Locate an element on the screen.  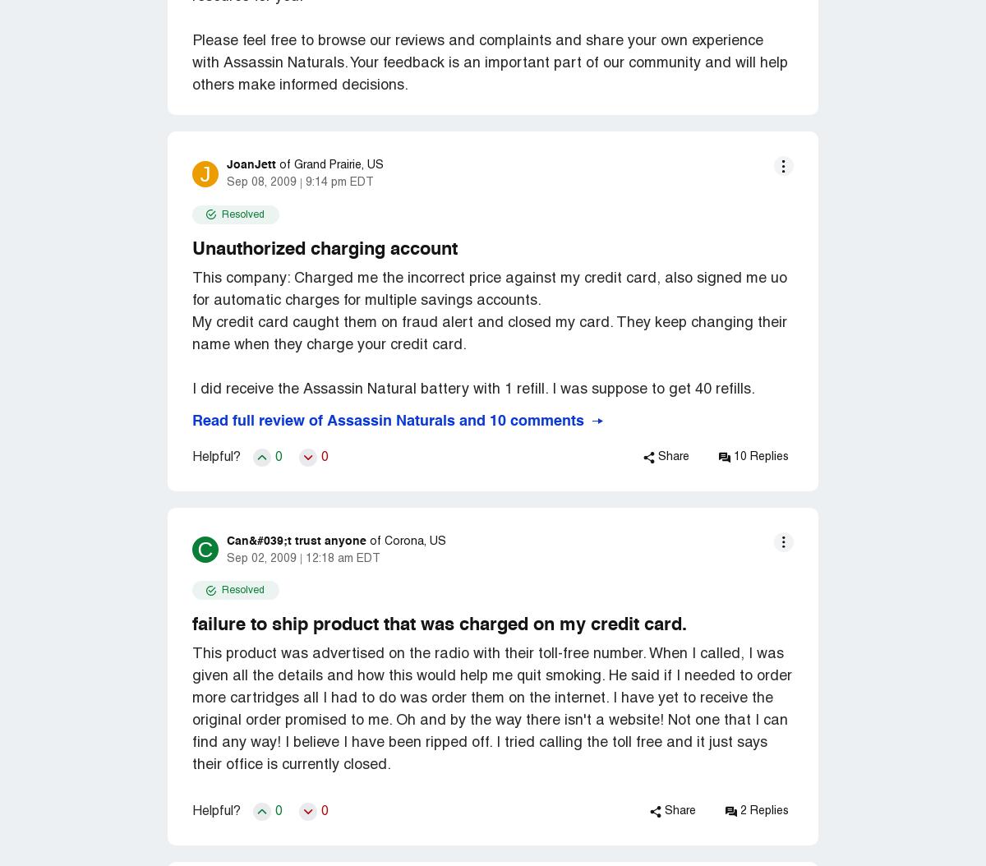
'Cookie Policy' is located at coordinates (647, 420).